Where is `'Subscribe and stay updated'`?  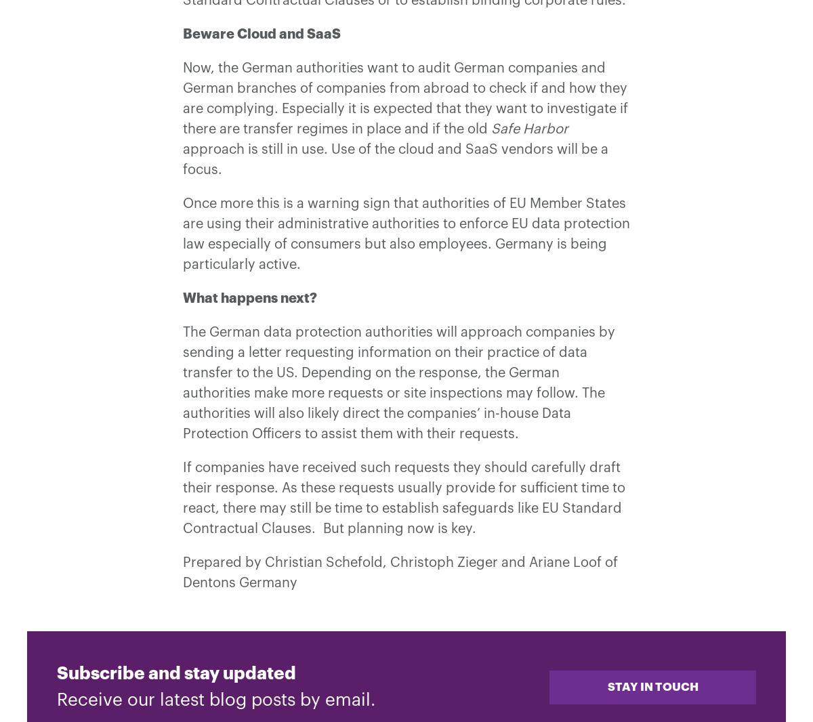
'Subscribe and stay updated' is located at coordinates (175, 674).